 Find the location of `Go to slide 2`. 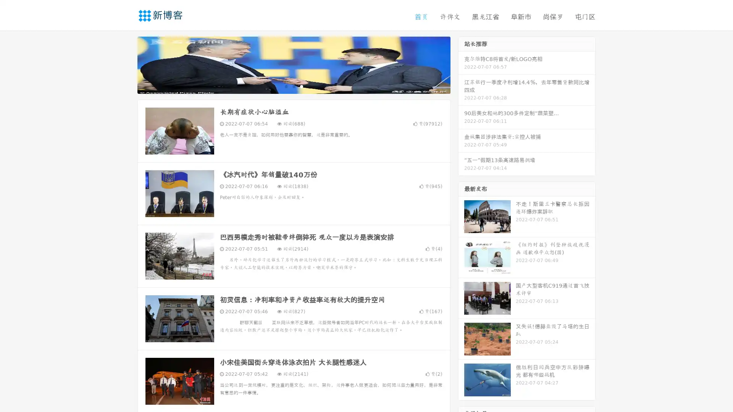

Go to slide 2 is located at coordinates (293, 86).